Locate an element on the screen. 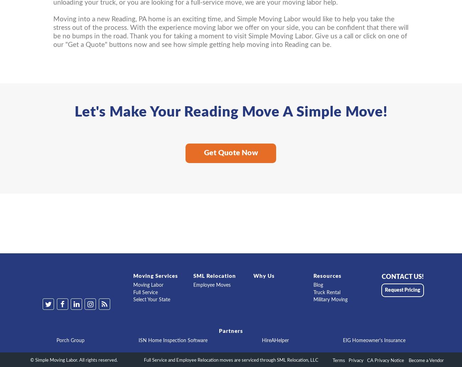 This screenshot has height=367, width=462. 'Become a Vendor' is located at coordinates (425, 360).